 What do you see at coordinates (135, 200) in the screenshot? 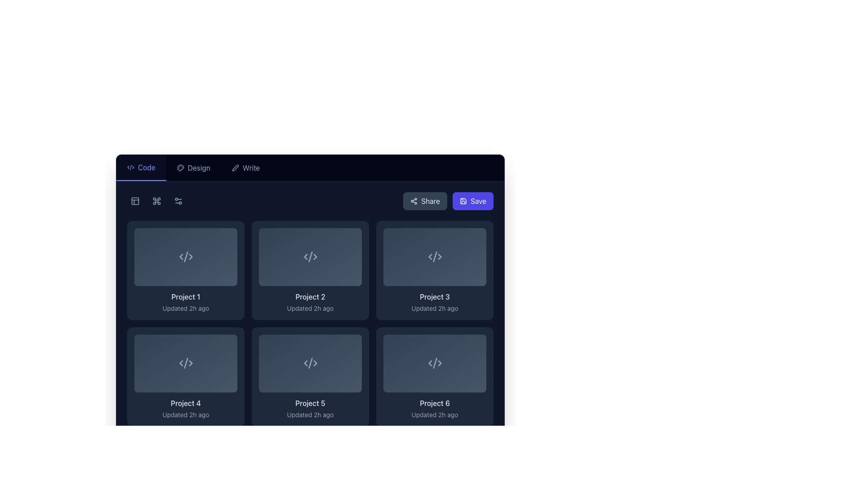
I see `the grid view button located at the top-left corner of the interface` at bounding box center [135, 200].